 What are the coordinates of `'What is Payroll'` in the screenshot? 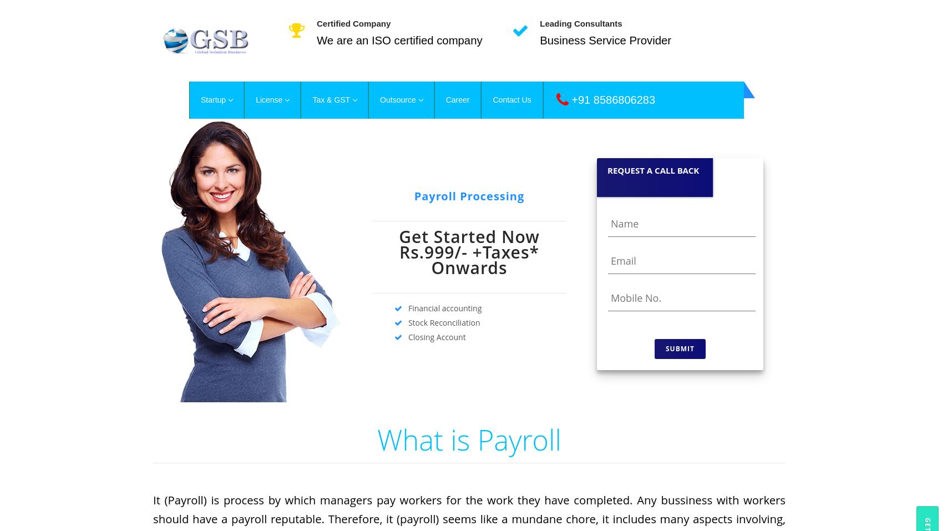 It's located at (469, 438).